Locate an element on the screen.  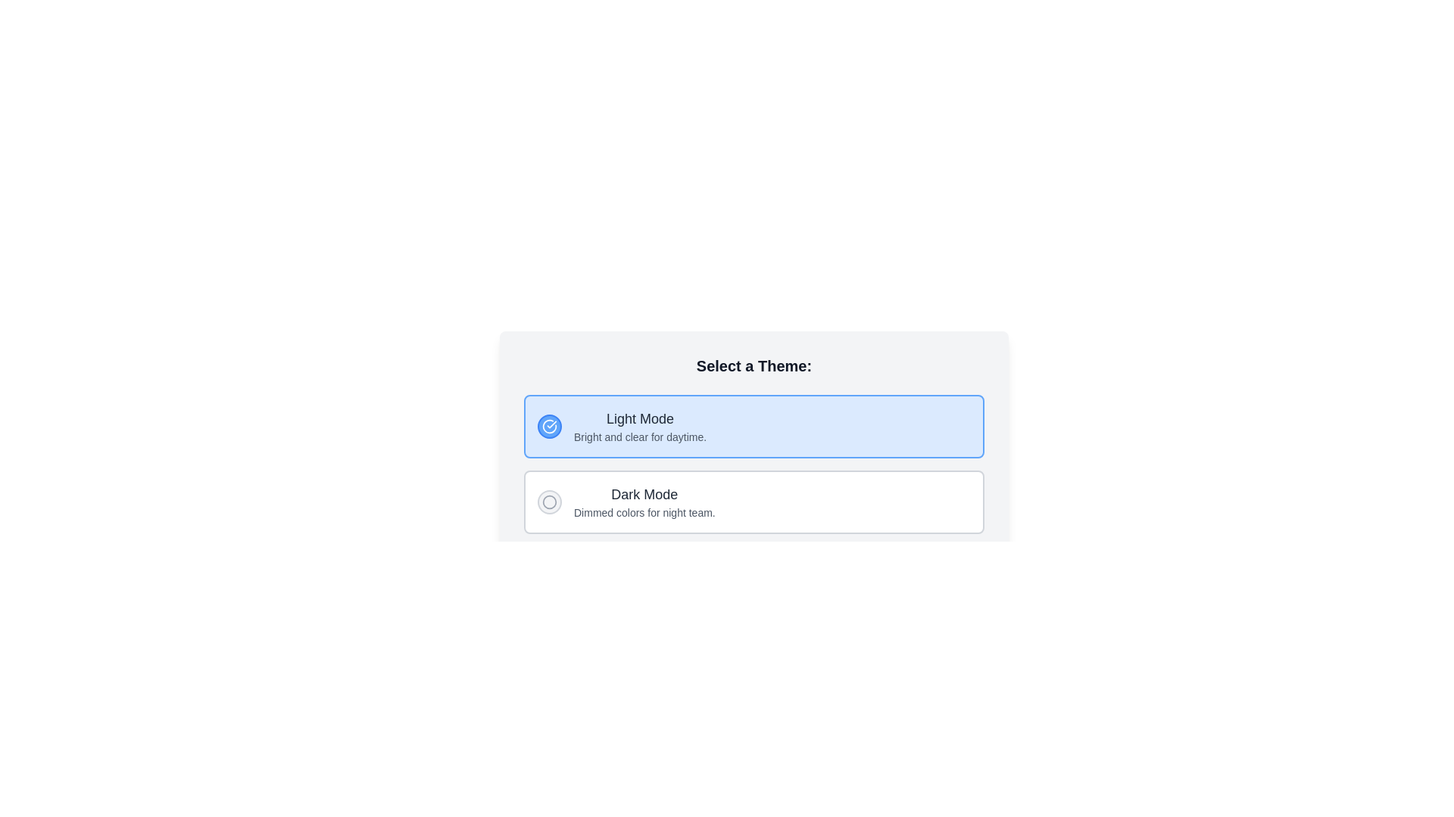
the circular outline icon of the 'Light Mode' button located in the top-left corner of the selection card is located at coordinates (548, 426).